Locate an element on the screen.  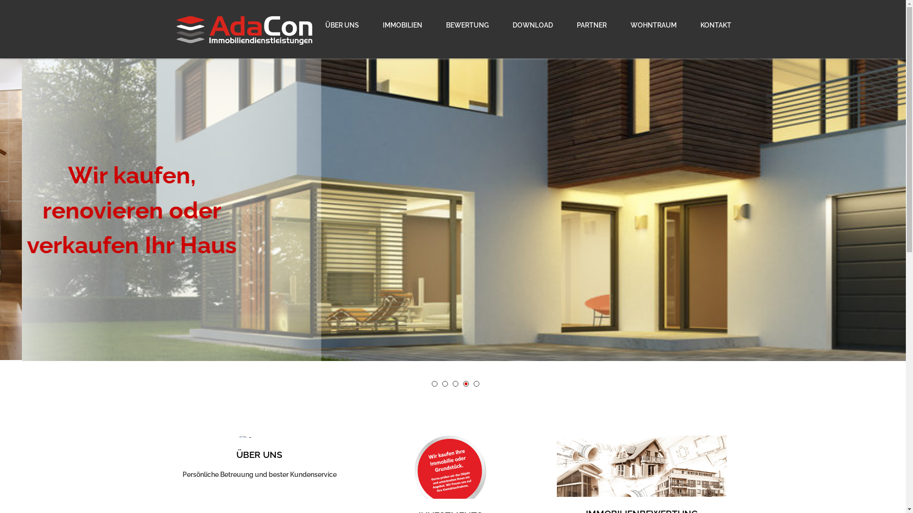
'4' is located at coordinates (466, 383).